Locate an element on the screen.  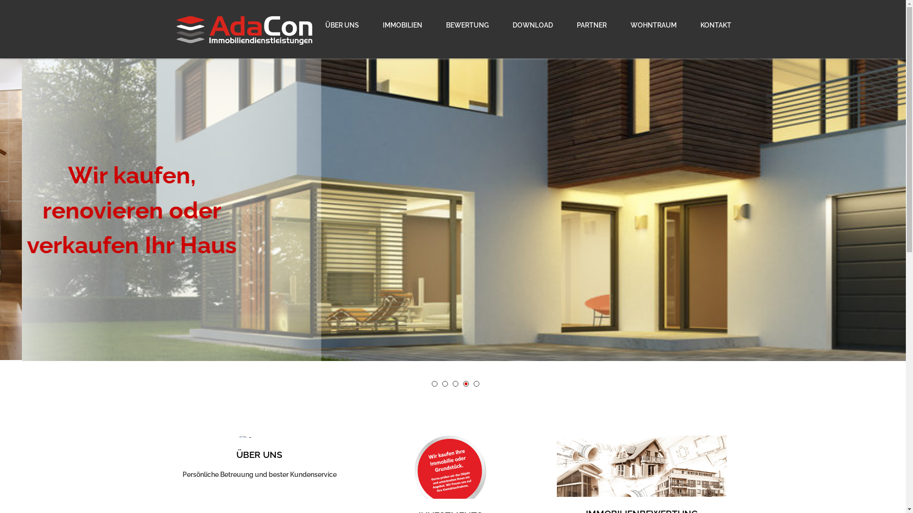
'4' is located at coordinates (466, 383).